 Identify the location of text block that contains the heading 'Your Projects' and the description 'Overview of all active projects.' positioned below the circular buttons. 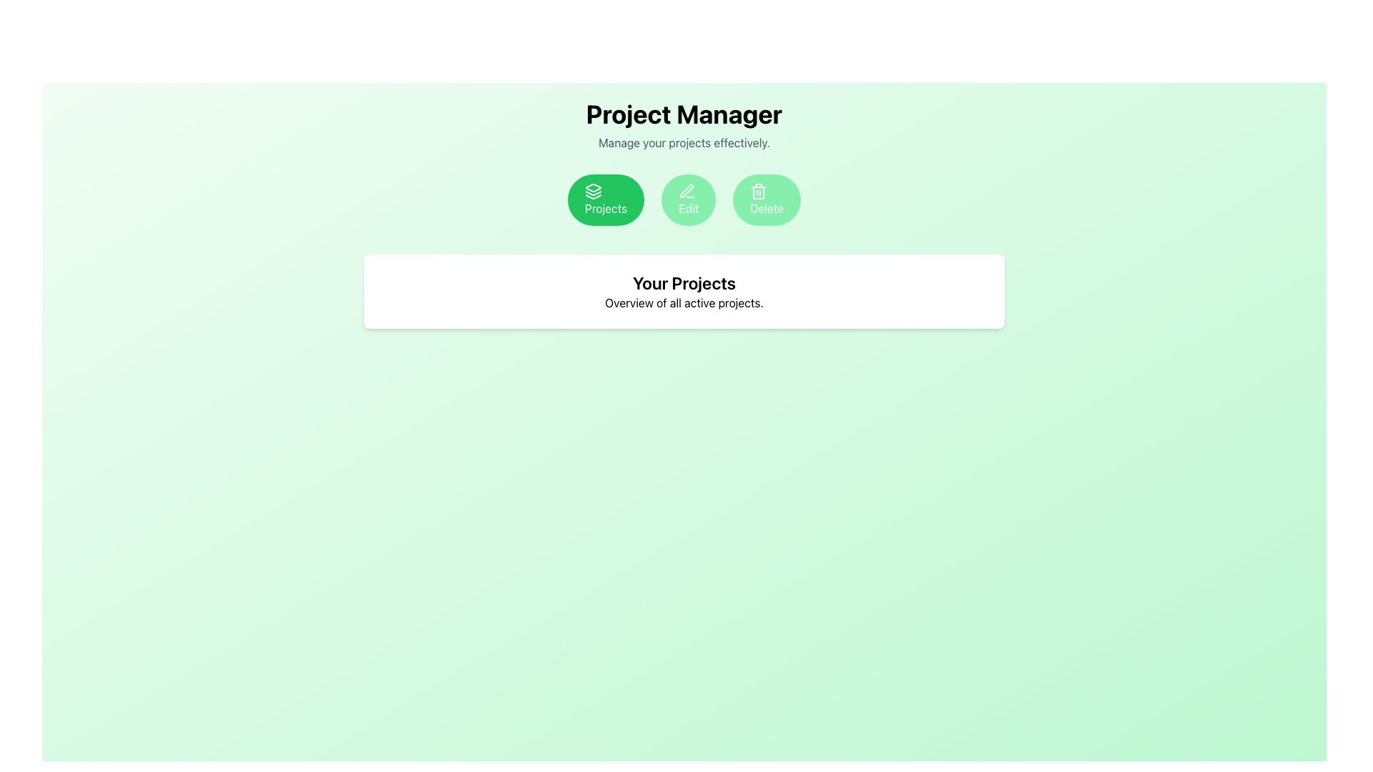
(683, 291).